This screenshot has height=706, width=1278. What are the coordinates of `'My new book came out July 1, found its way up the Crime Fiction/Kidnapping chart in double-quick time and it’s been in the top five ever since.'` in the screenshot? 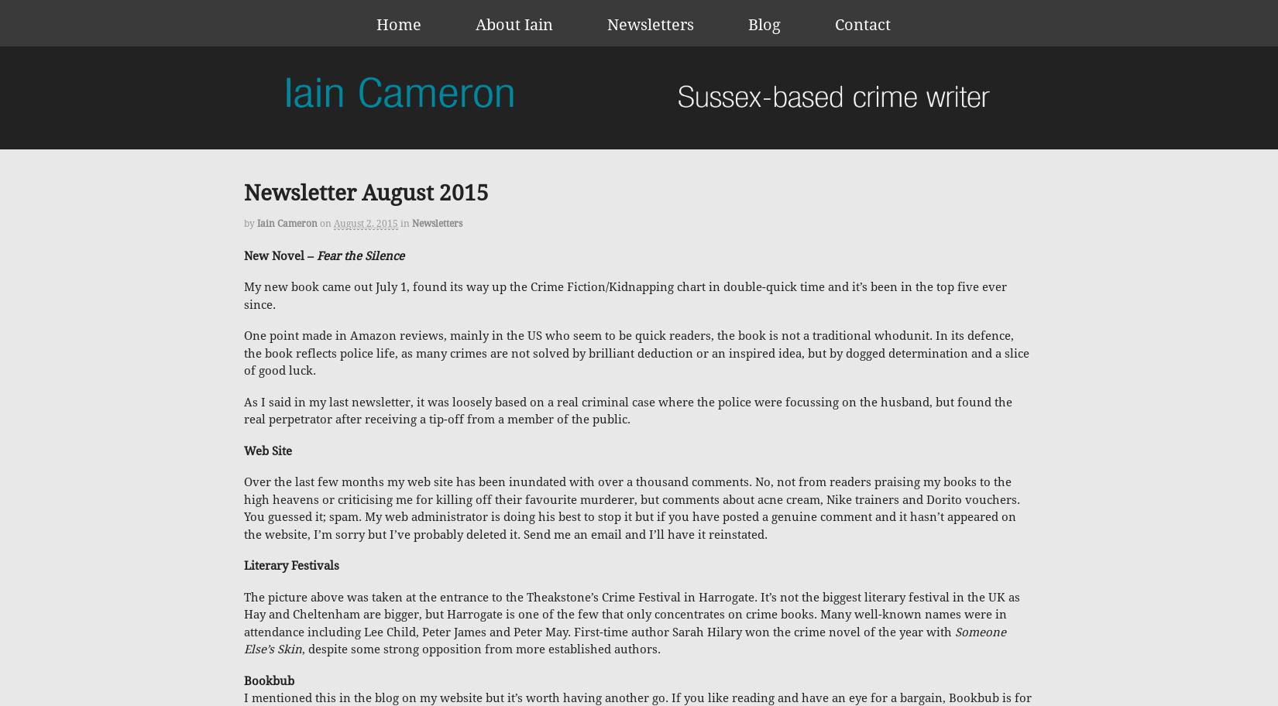 It's located at (624, 296).